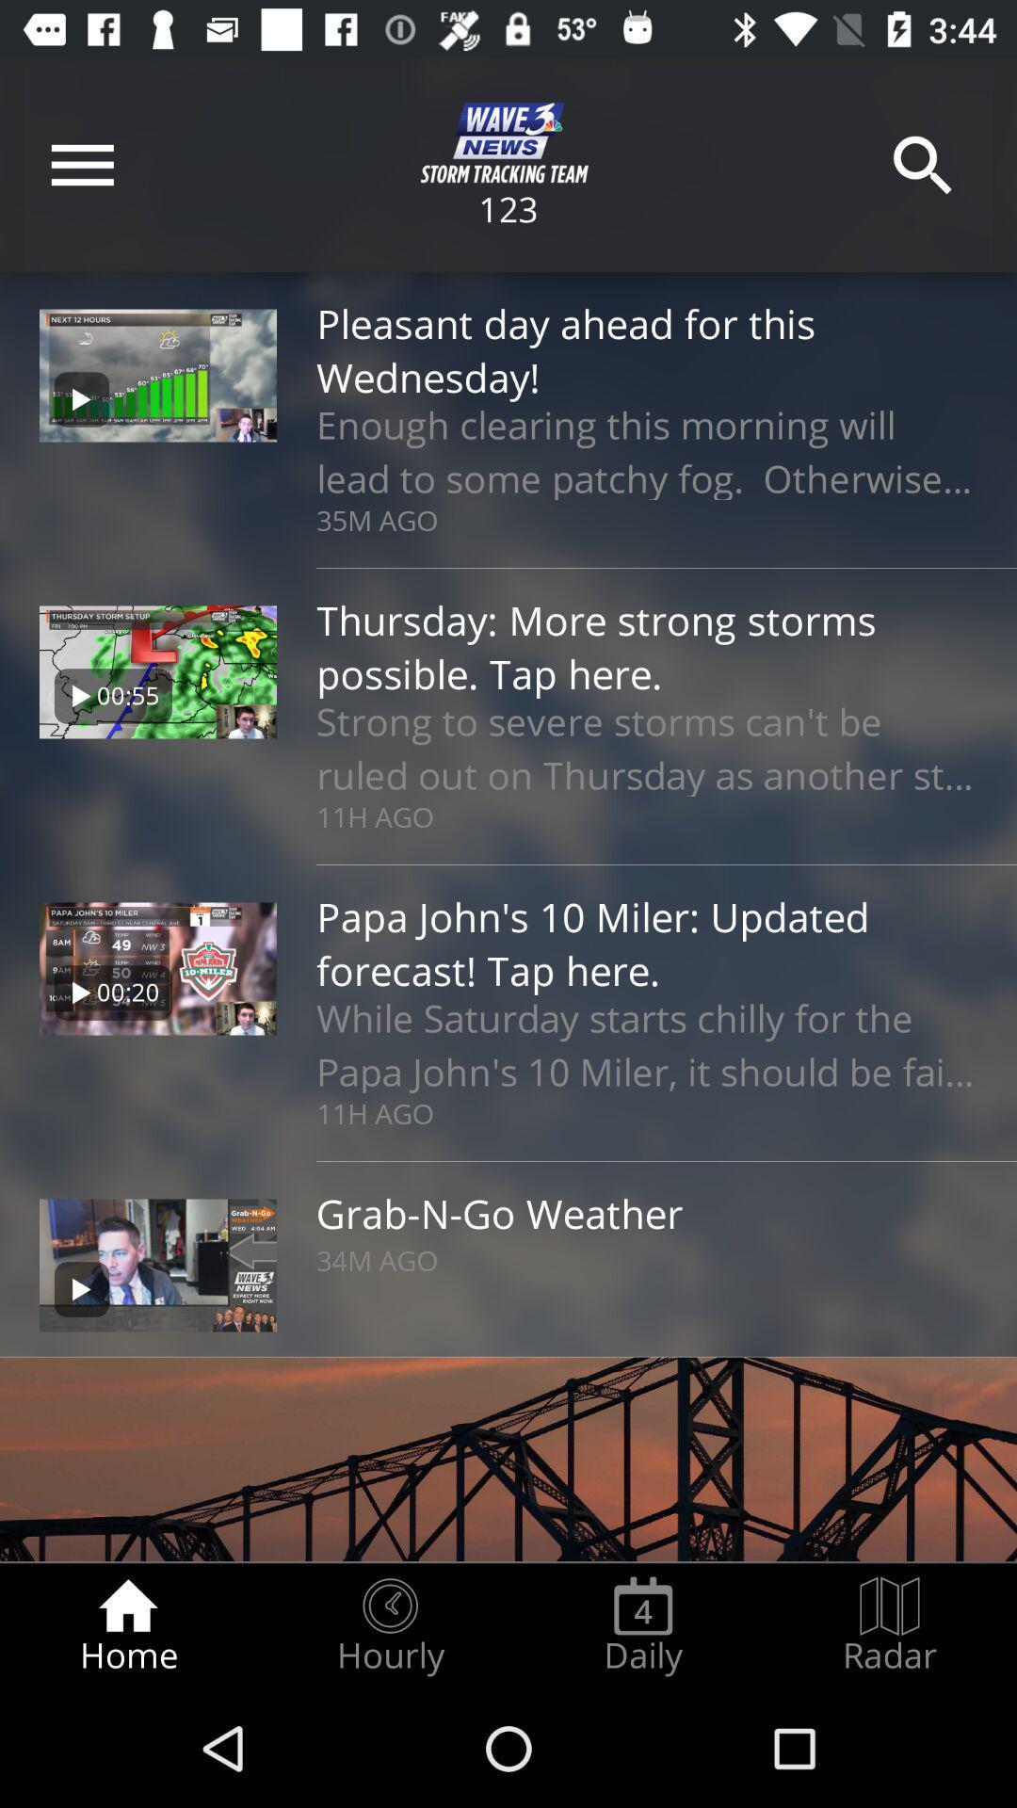  Describe the element at coordinates (890, 1625) in the screenshot. I see `the icon at the bottom right corner` at that location.